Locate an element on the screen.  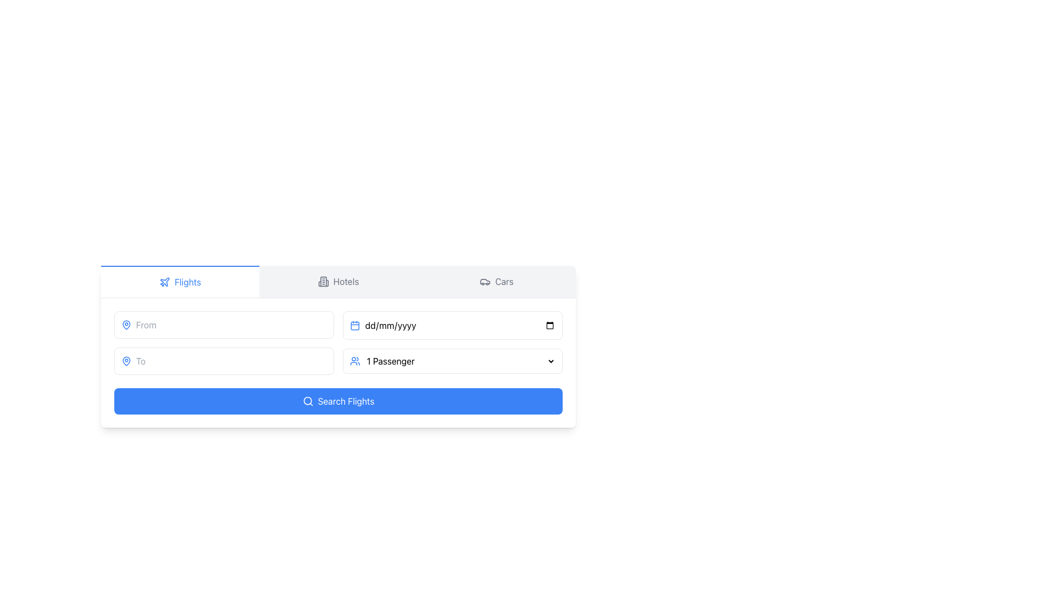
the calendar icon located is located at coordinates (355, 325).